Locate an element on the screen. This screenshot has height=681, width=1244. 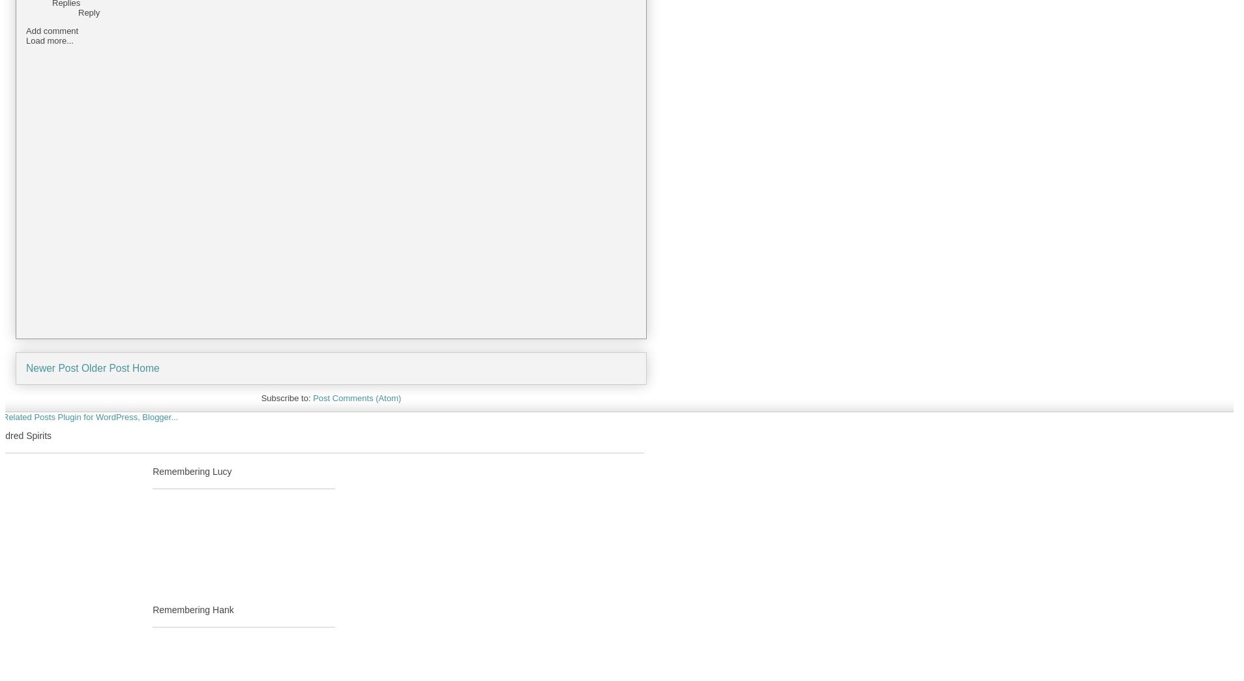
'Home' is located at coordinates (131, 367).